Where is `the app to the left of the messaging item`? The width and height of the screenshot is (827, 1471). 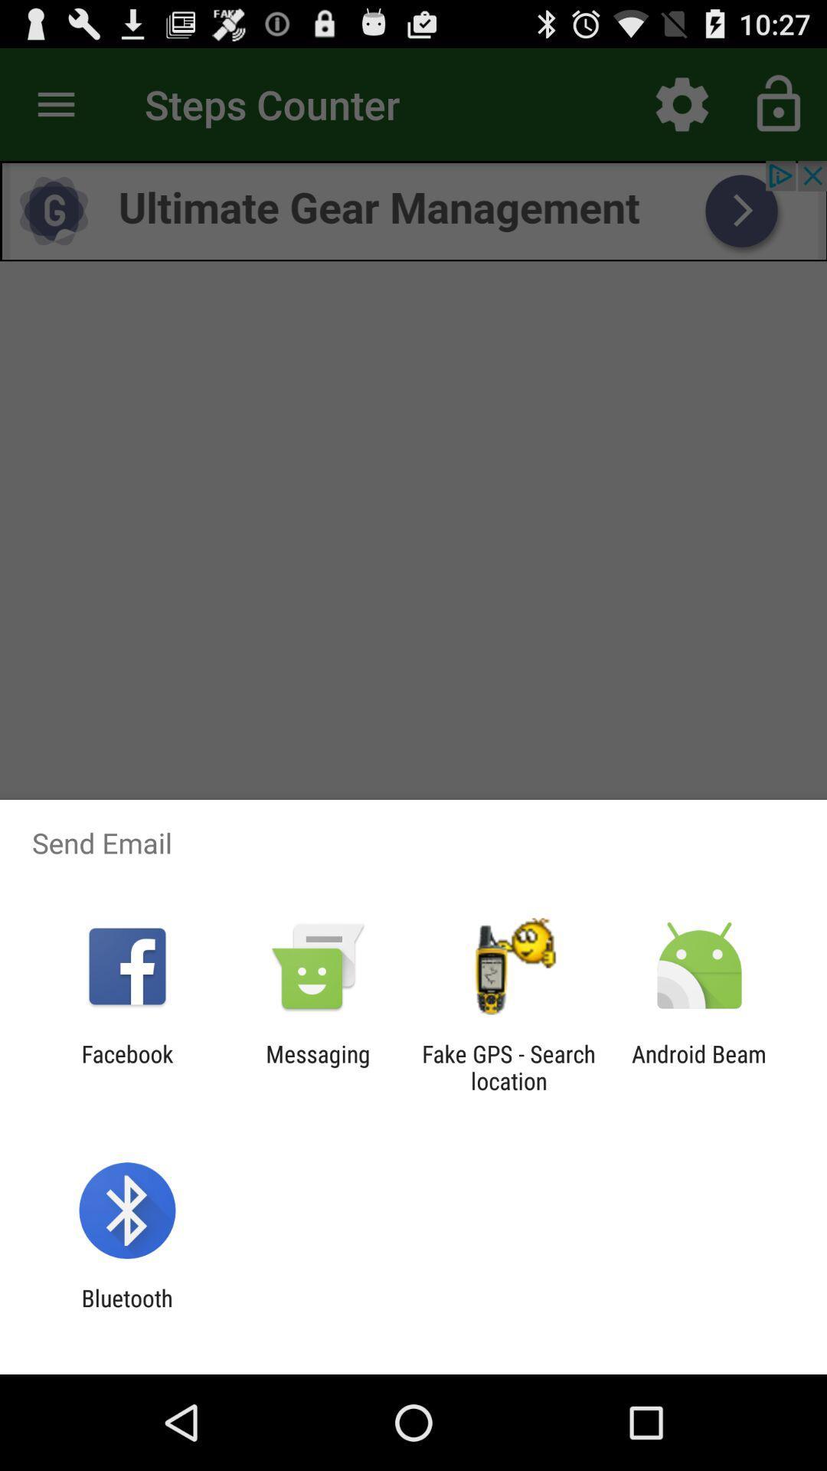 the app to the left of the messaging item is located at coordinates (126, 1066).